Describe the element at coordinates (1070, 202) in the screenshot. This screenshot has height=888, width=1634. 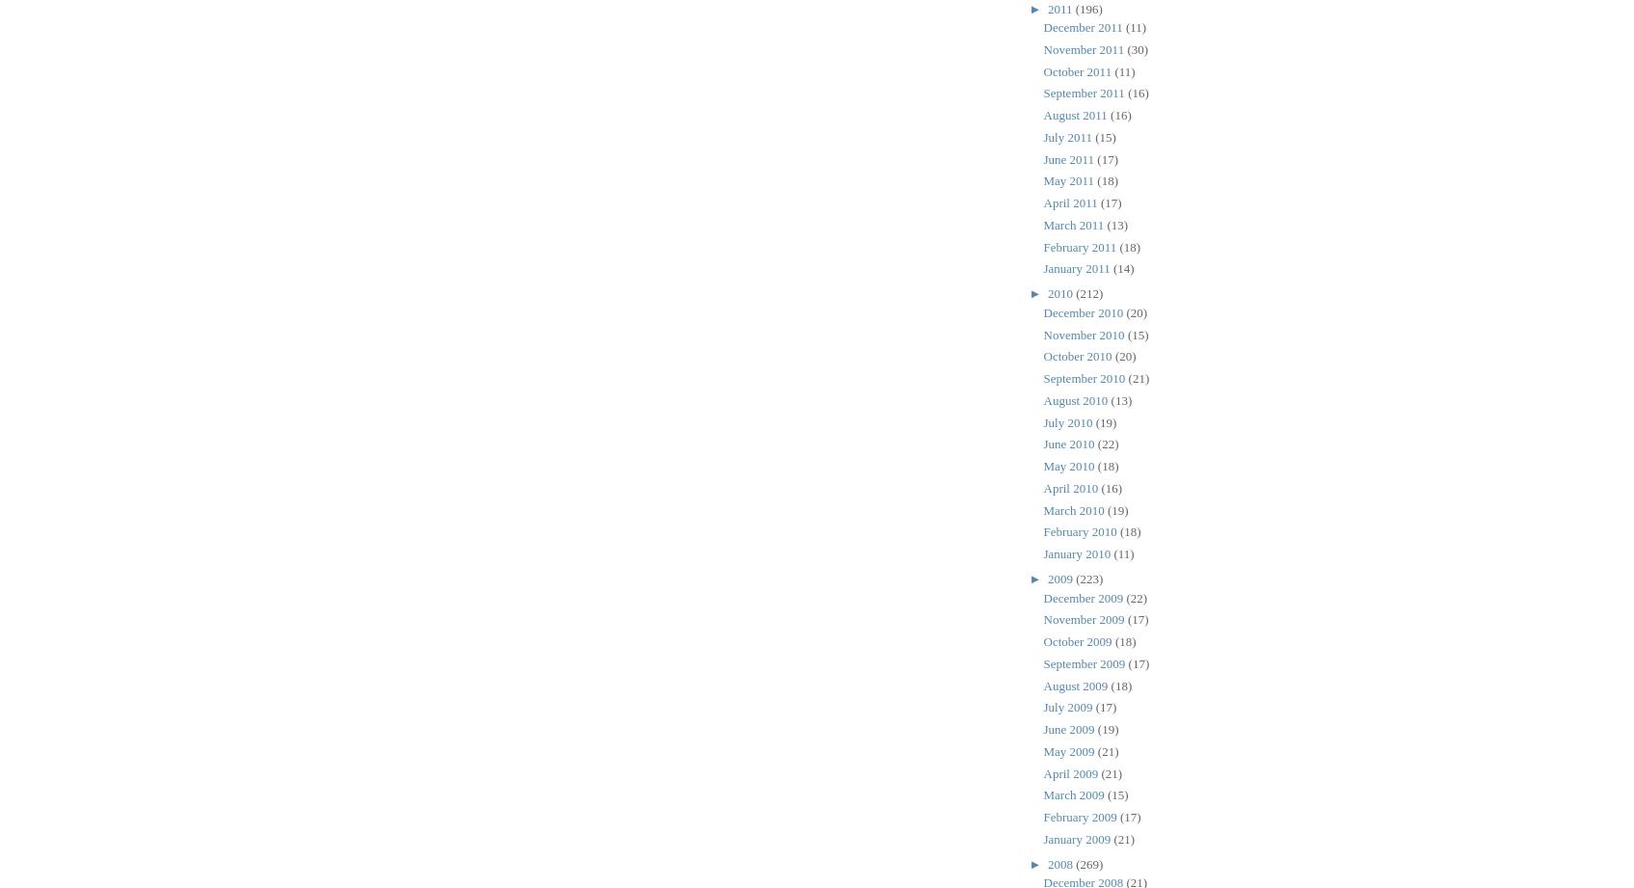
I see `'April 2011'` at that location.